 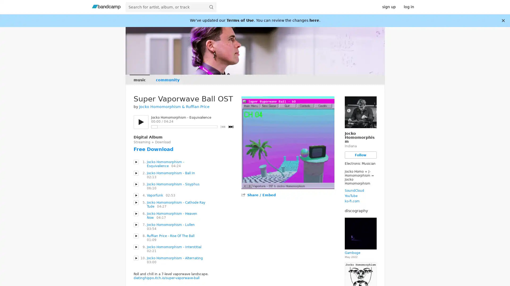 What do you see at coordinates (136, 225) in the screenshot?
I see `Play Jocko Homomorphism - Lullen` at bounding box center [136, 225].